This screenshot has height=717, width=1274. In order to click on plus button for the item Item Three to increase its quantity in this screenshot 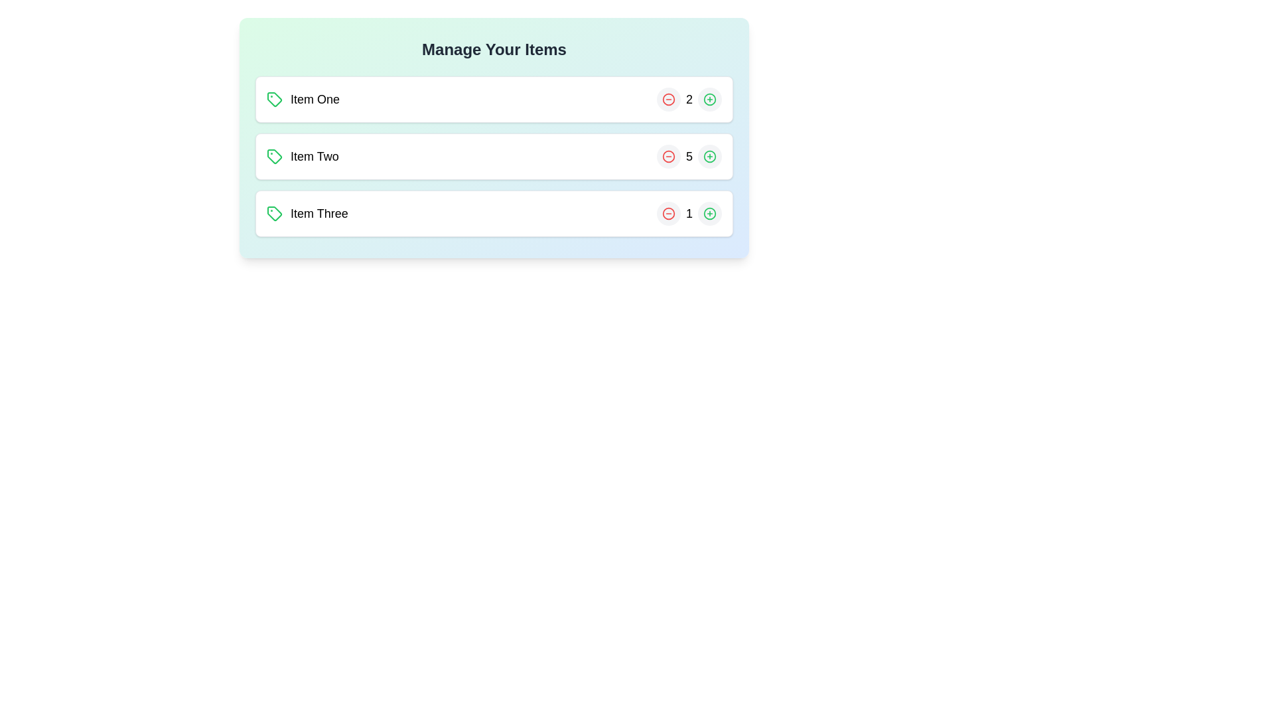, I will do `click(709, 212)`.